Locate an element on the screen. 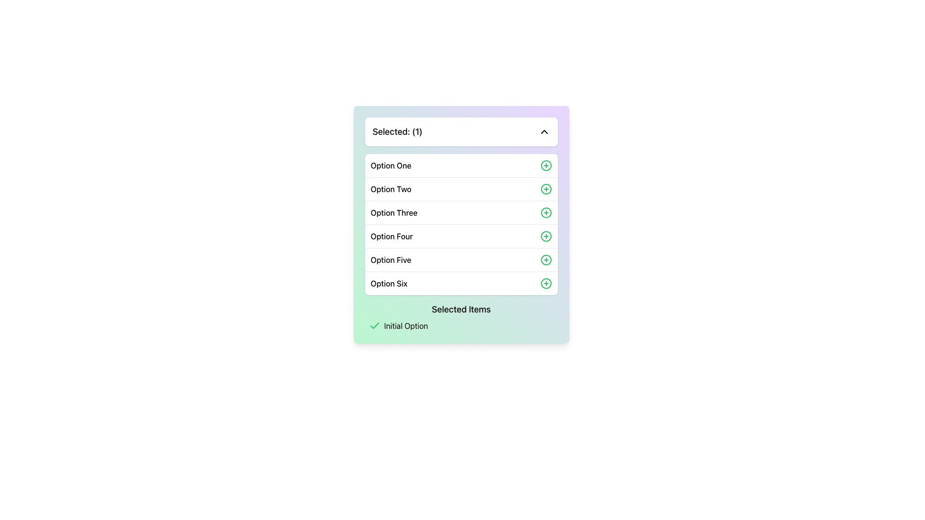  the surrounding row of the text label 'Option One' is located at coordinates (391, 165).